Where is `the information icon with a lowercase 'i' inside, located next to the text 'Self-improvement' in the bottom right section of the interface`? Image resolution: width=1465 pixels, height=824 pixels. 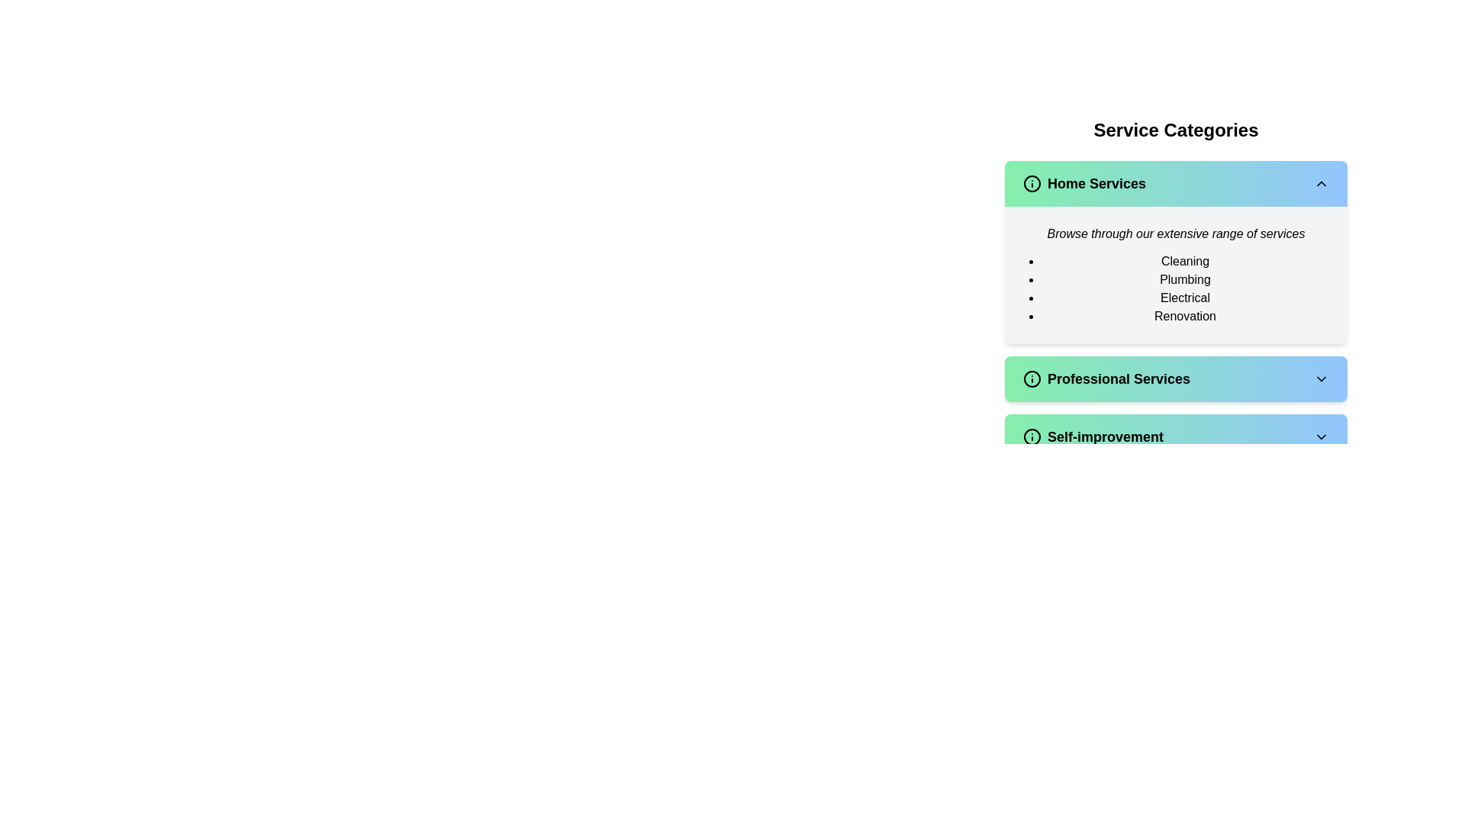 the information icon with a lowercase 'i' inside, located next to the text 'Self-improvement' in the bottom right section of the interface is located at coordinates (1032, 437).